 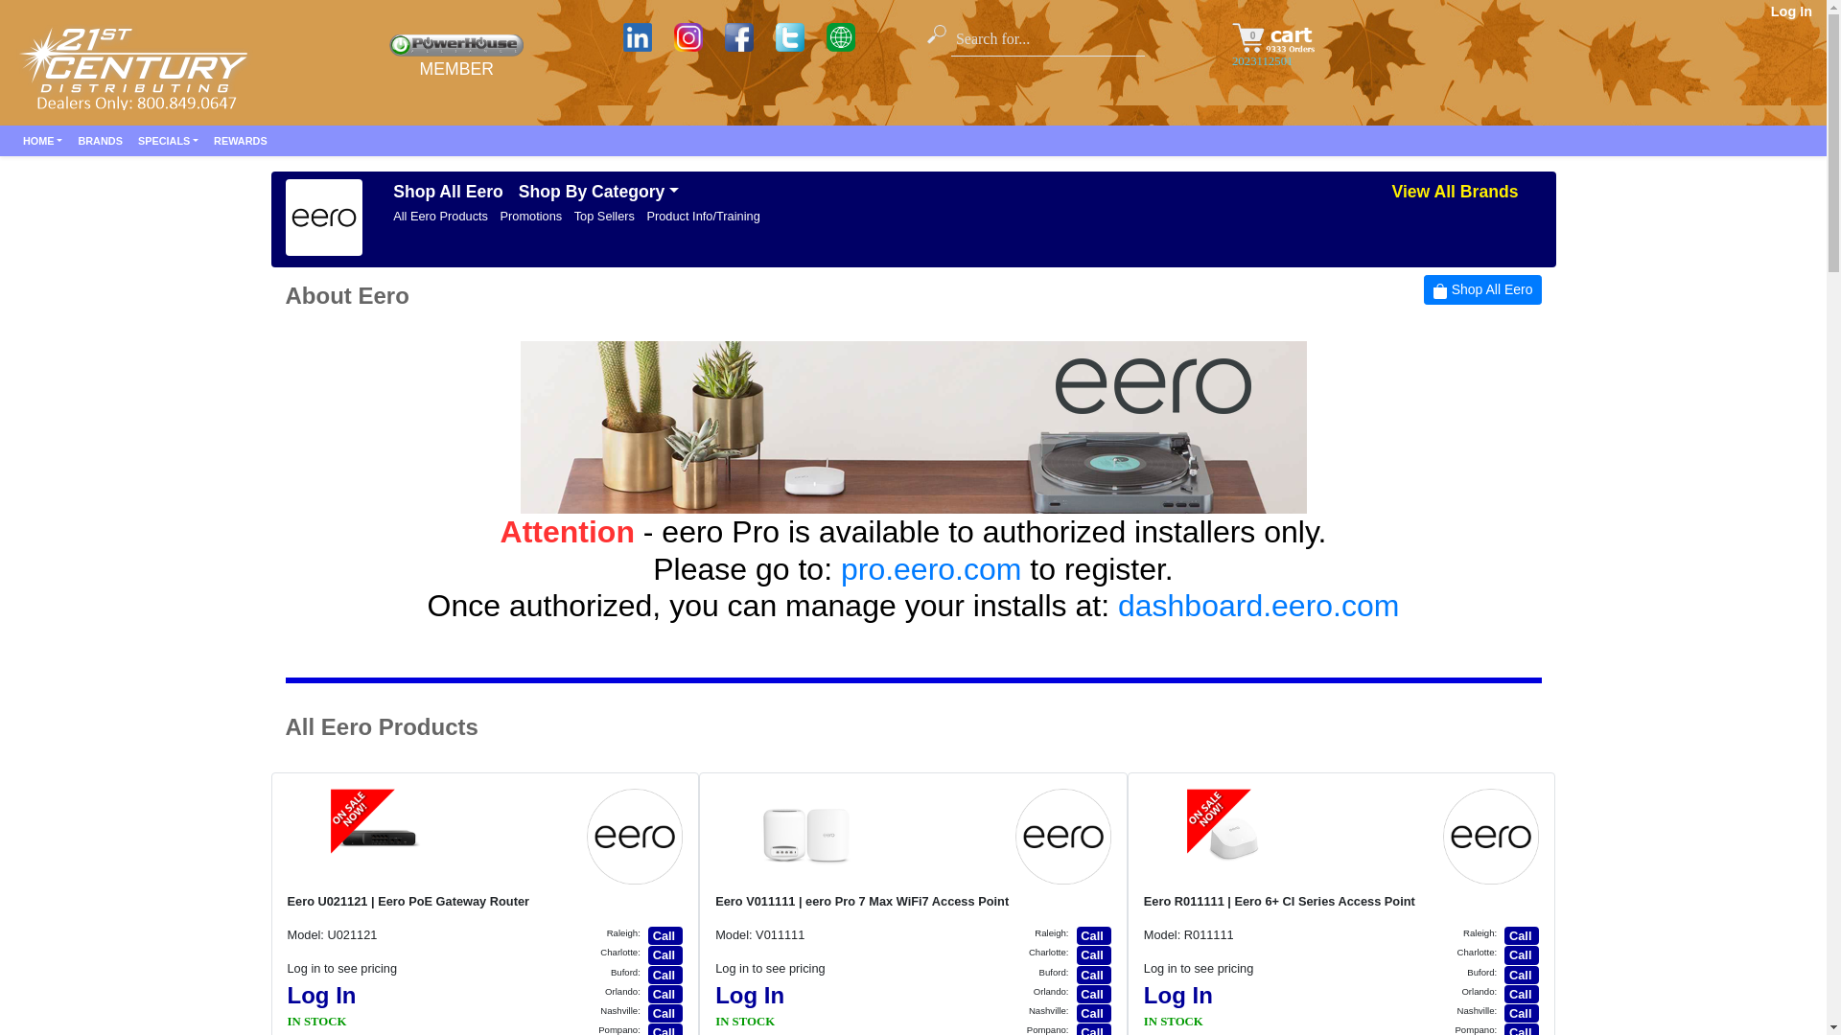 I want to click on 'View All Brands', so click(x=1454, y=192).